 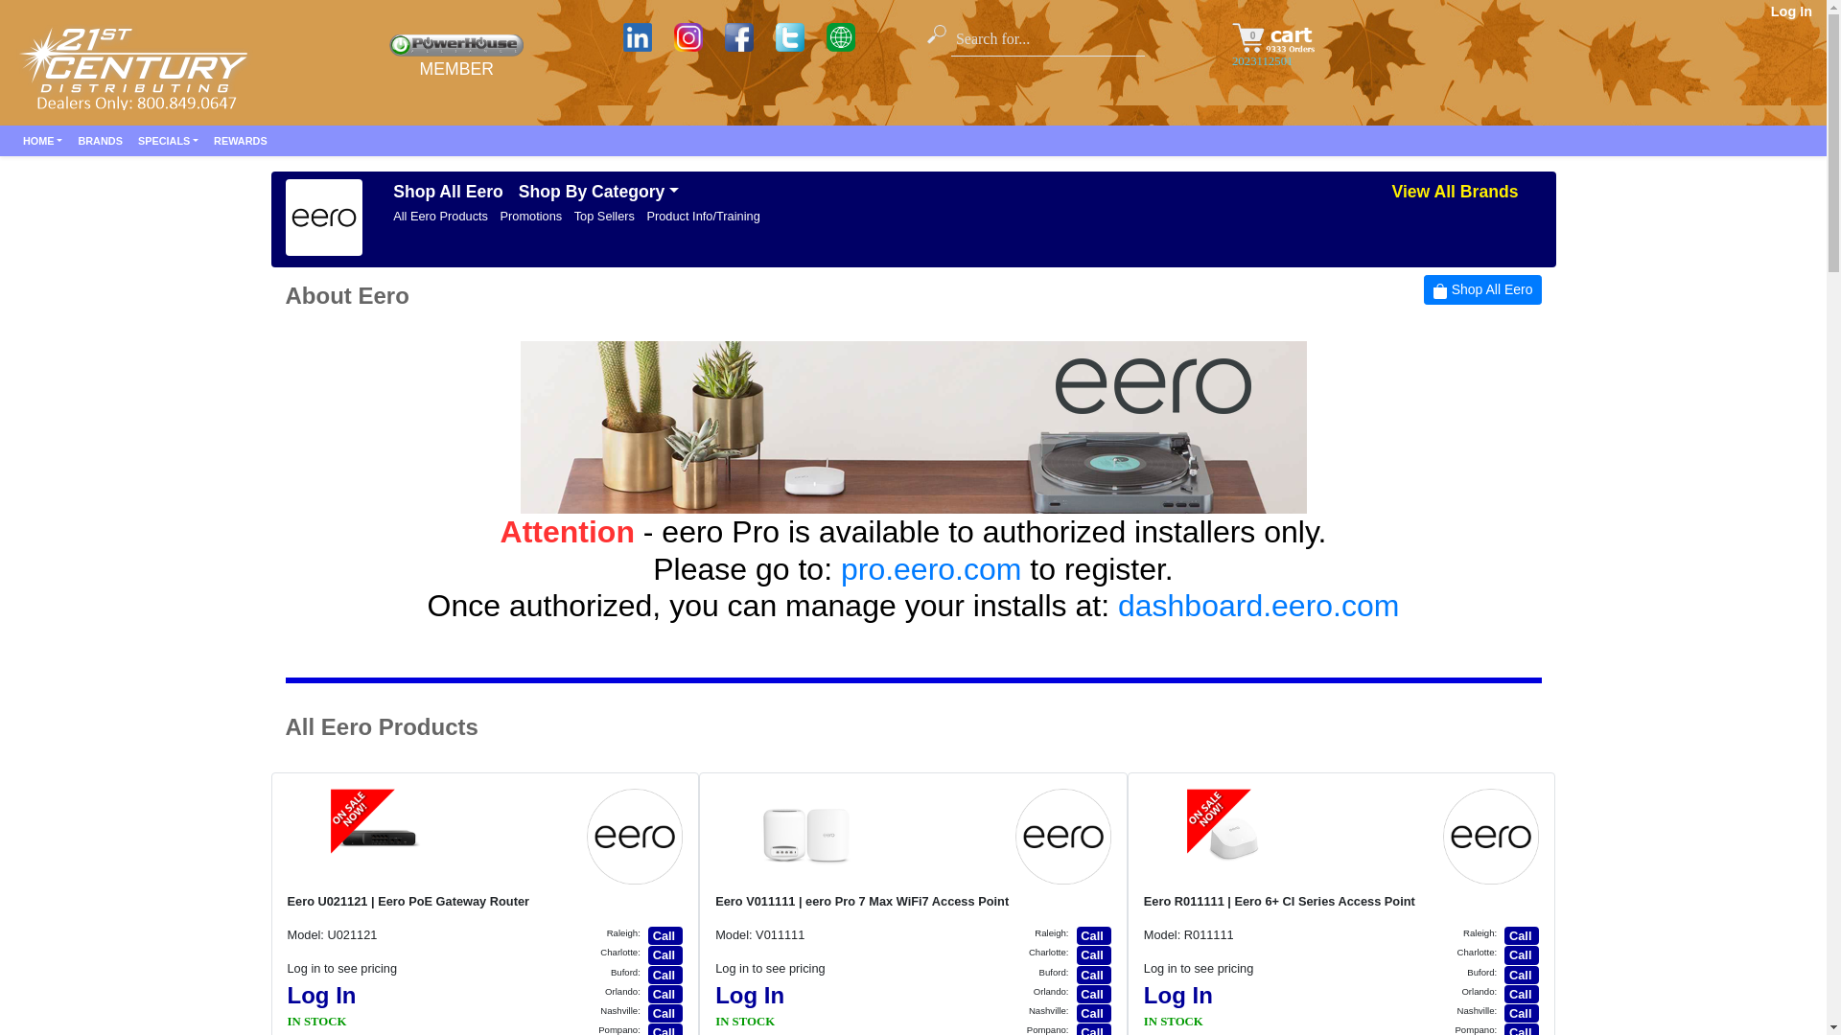 I want to click on 'View All Brands', so click(x=1454, y=192).